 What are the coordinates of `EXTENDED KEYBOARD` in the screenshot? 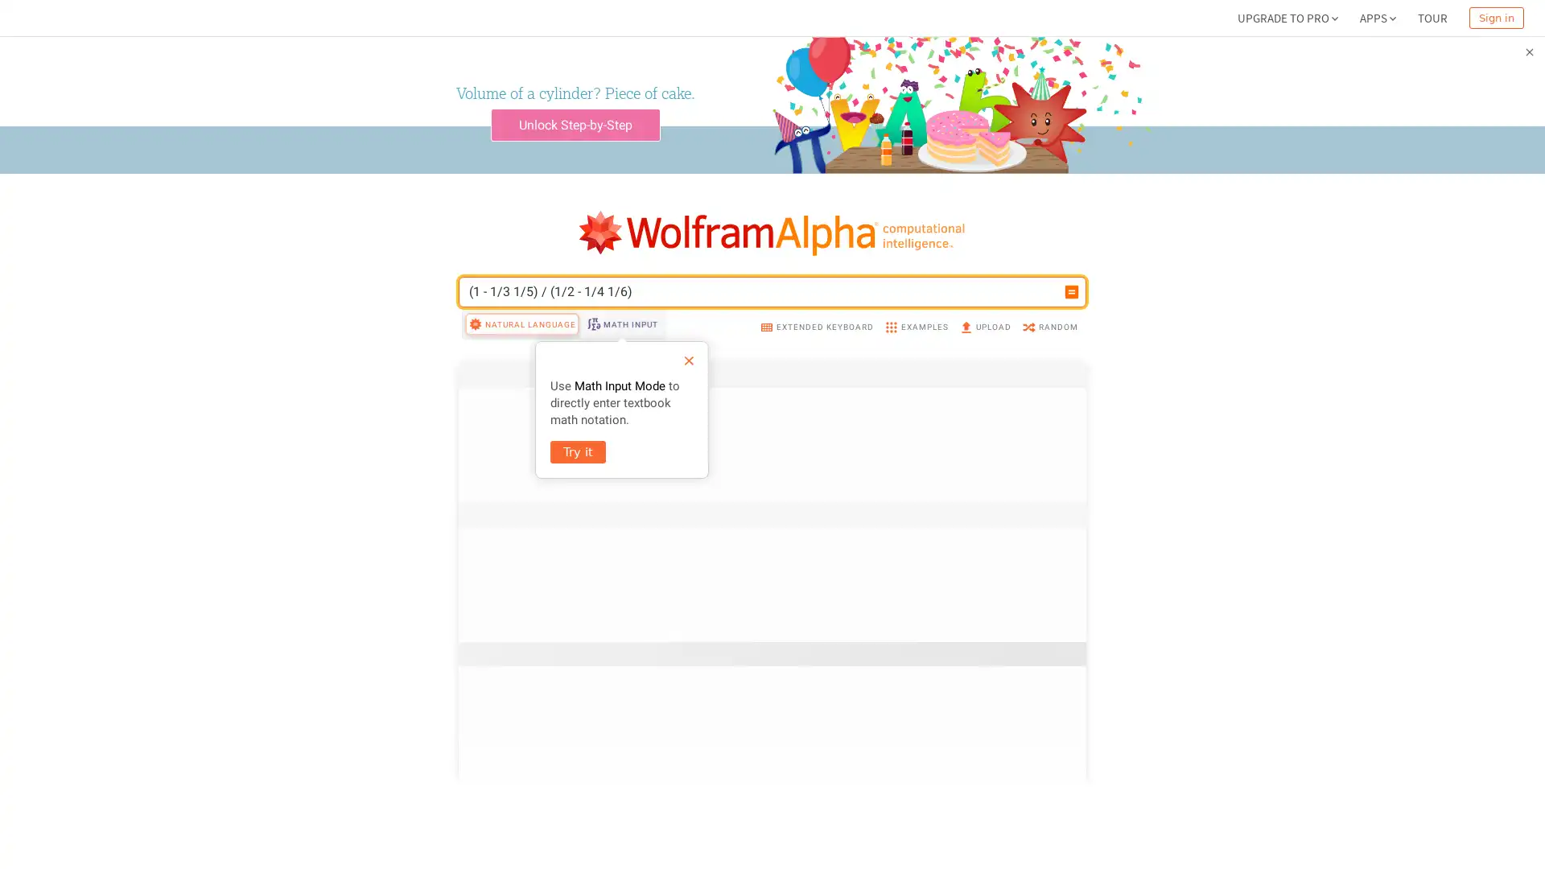 It's located at (816, 326).